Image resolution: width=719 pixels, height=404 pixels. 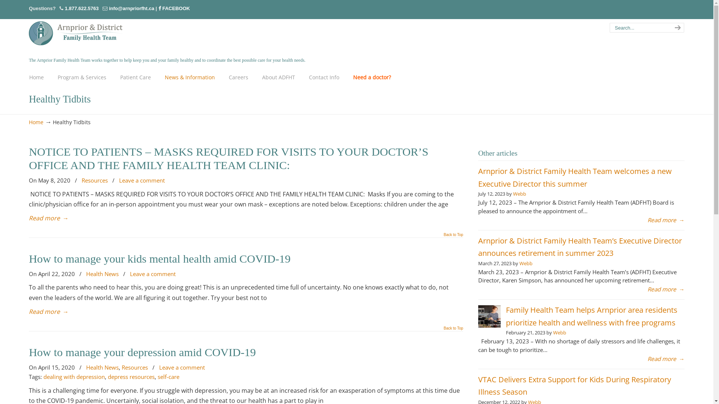 What do you see at coordinates (676, 27) in the screenshot?
I see `'search'` at bounding box center [676, 27].